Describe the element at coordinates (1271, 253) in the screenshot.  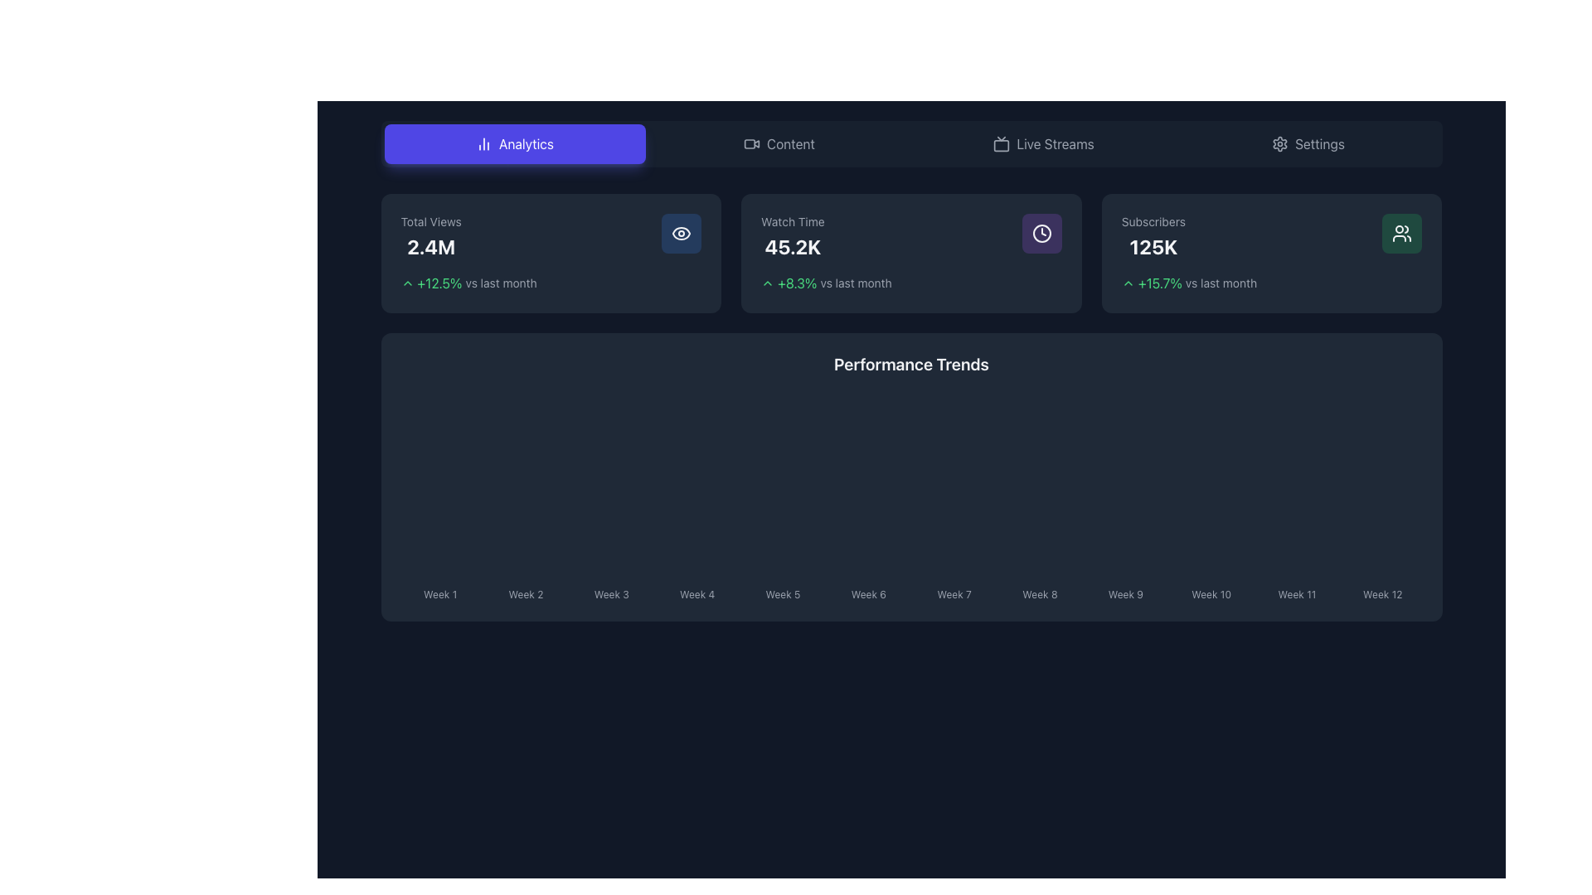
I see `the static information card displaying subscriber metrics, which shows total subscribers (125K) and a growth percentage (+15.7%), located in the upper right section of the interface` at that location.